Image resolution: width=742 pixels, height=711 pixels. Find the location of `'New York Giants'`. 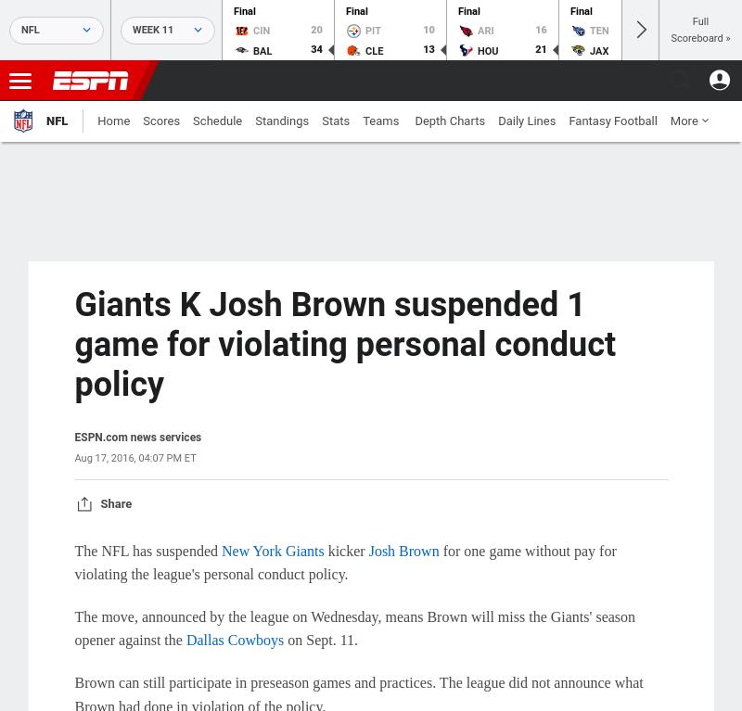

'New York Giants' is located at coordinates (273, 549).